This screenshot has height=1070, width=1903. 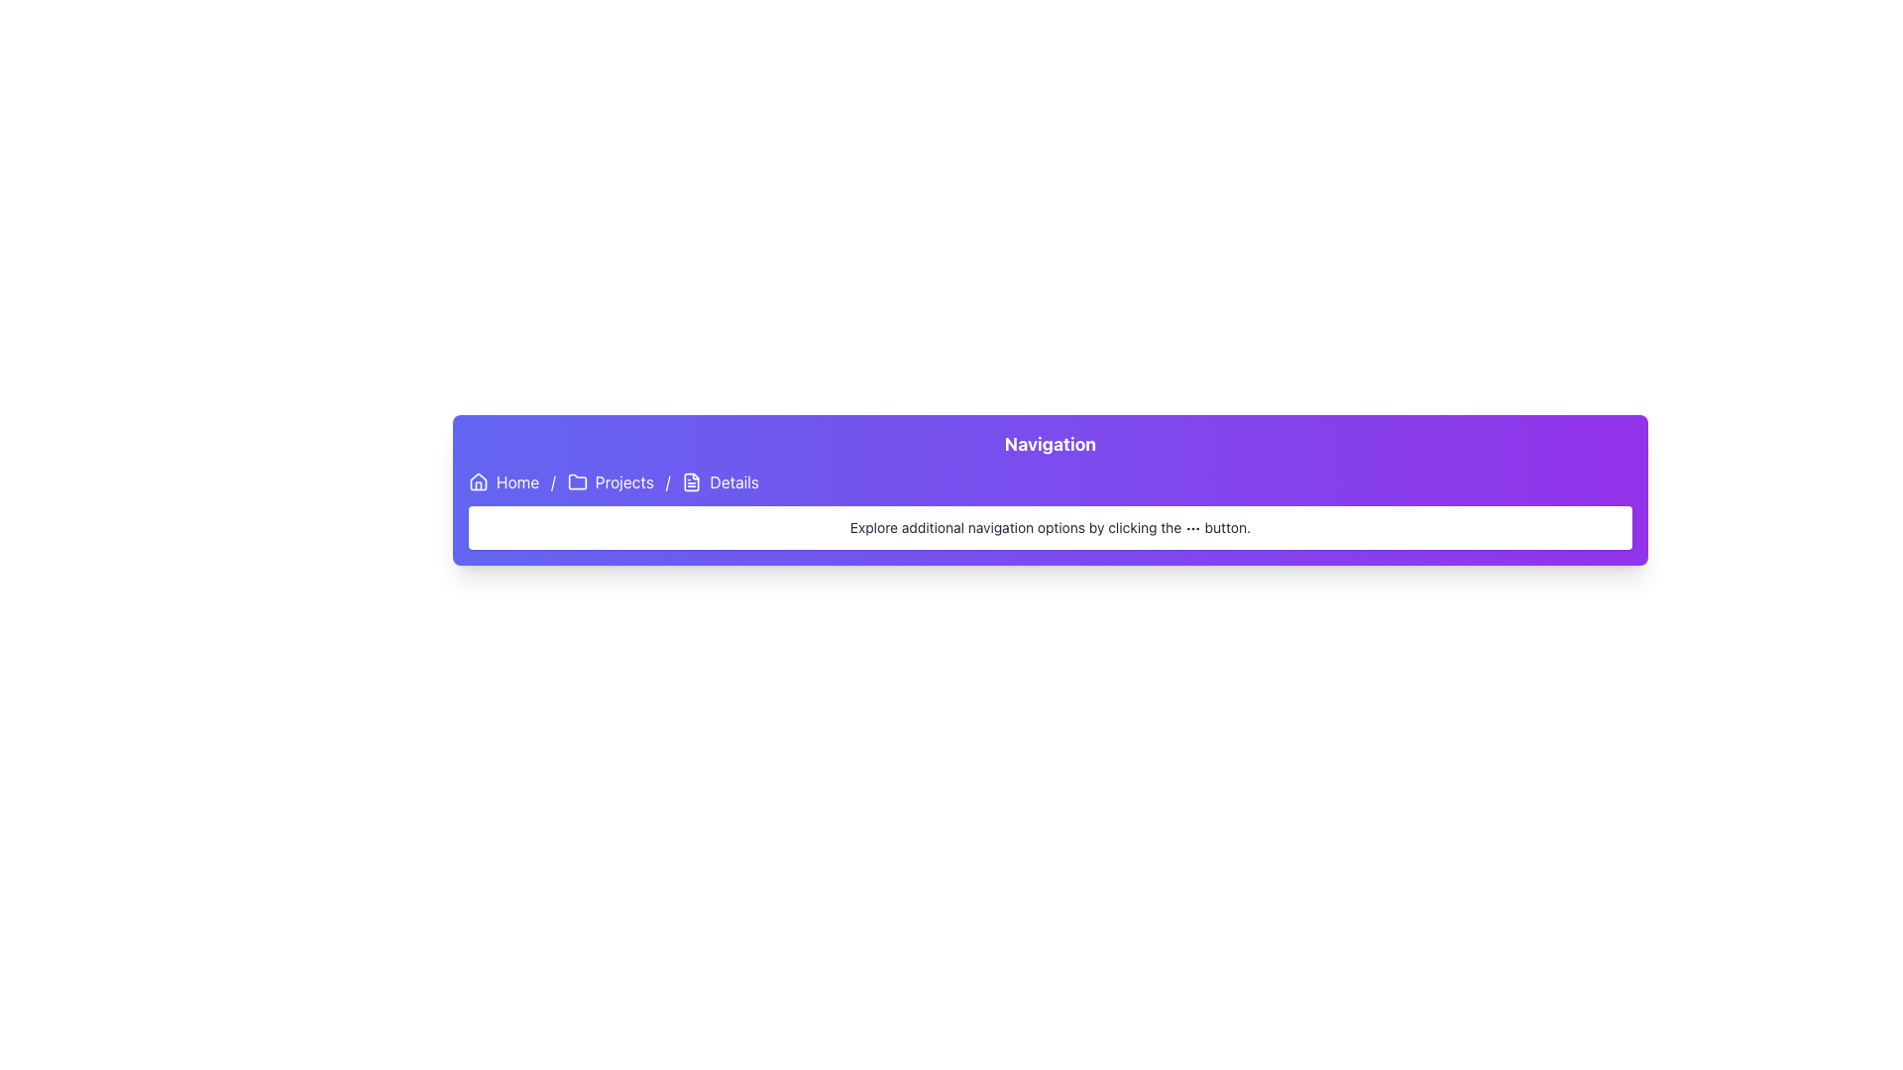 What do you see at coordinates (479, 481) in the screenshot?
I see `the house icon in the breadcrumb trail navigation bar` at bounding box center [479, 481].